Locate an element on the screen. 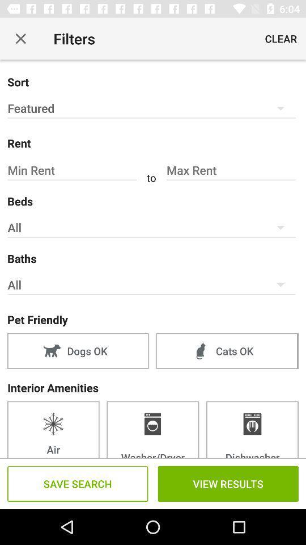  item above interior amenities is located at coordinates (77, 350).